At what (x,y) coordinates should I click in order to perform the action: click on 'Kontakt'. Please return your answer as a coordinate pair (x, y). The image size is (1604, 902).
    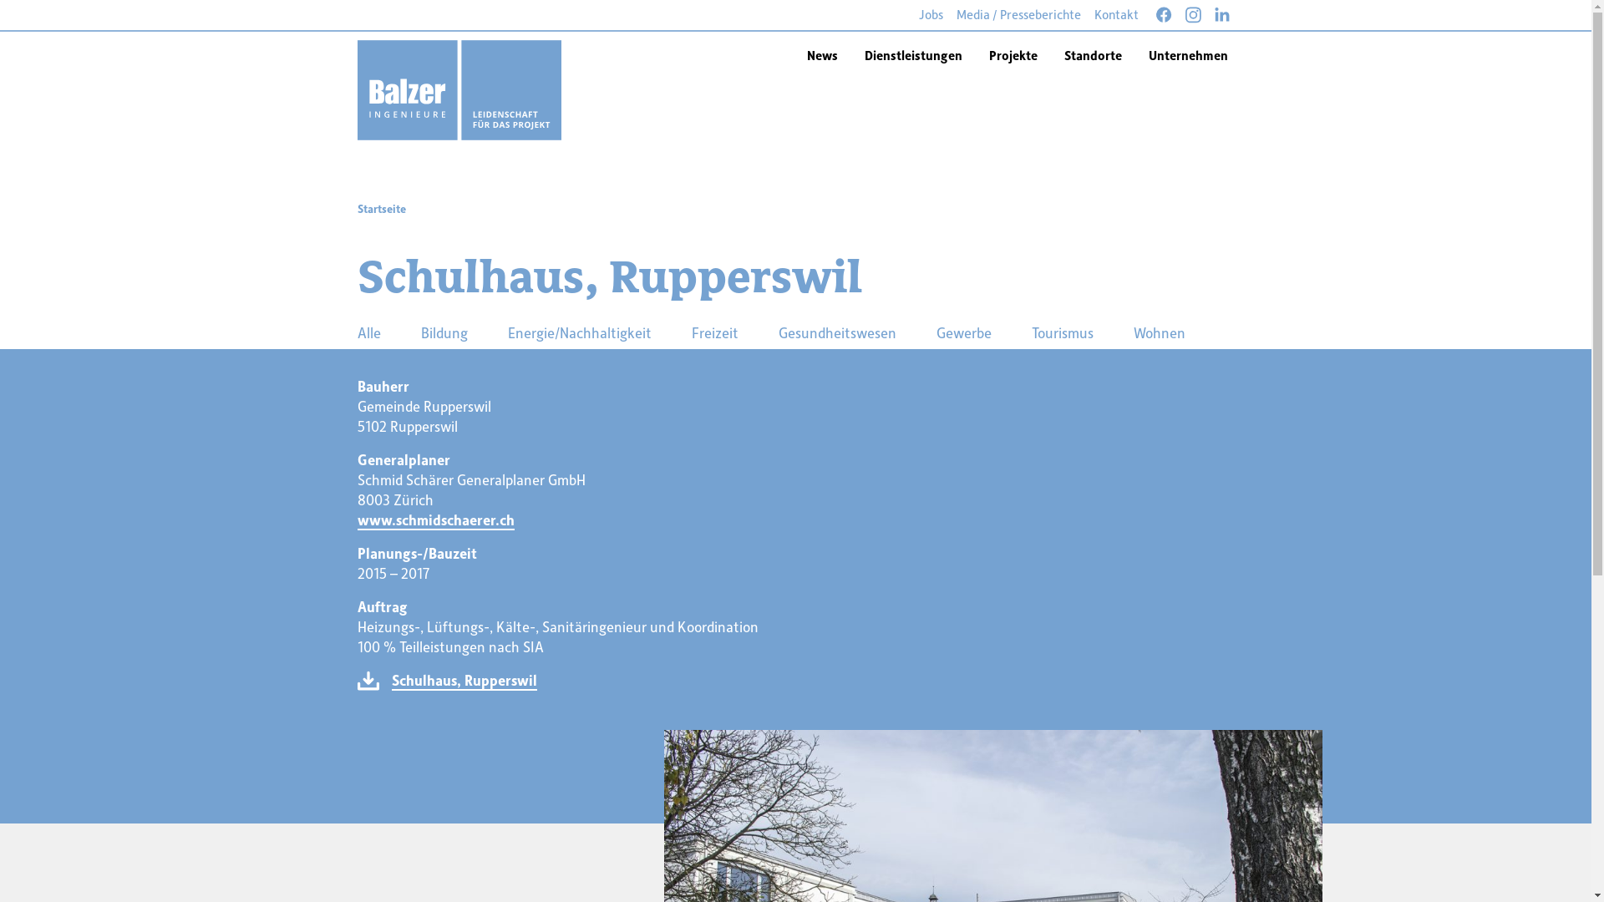
    Looking at the image, I should click on (1116, 15).